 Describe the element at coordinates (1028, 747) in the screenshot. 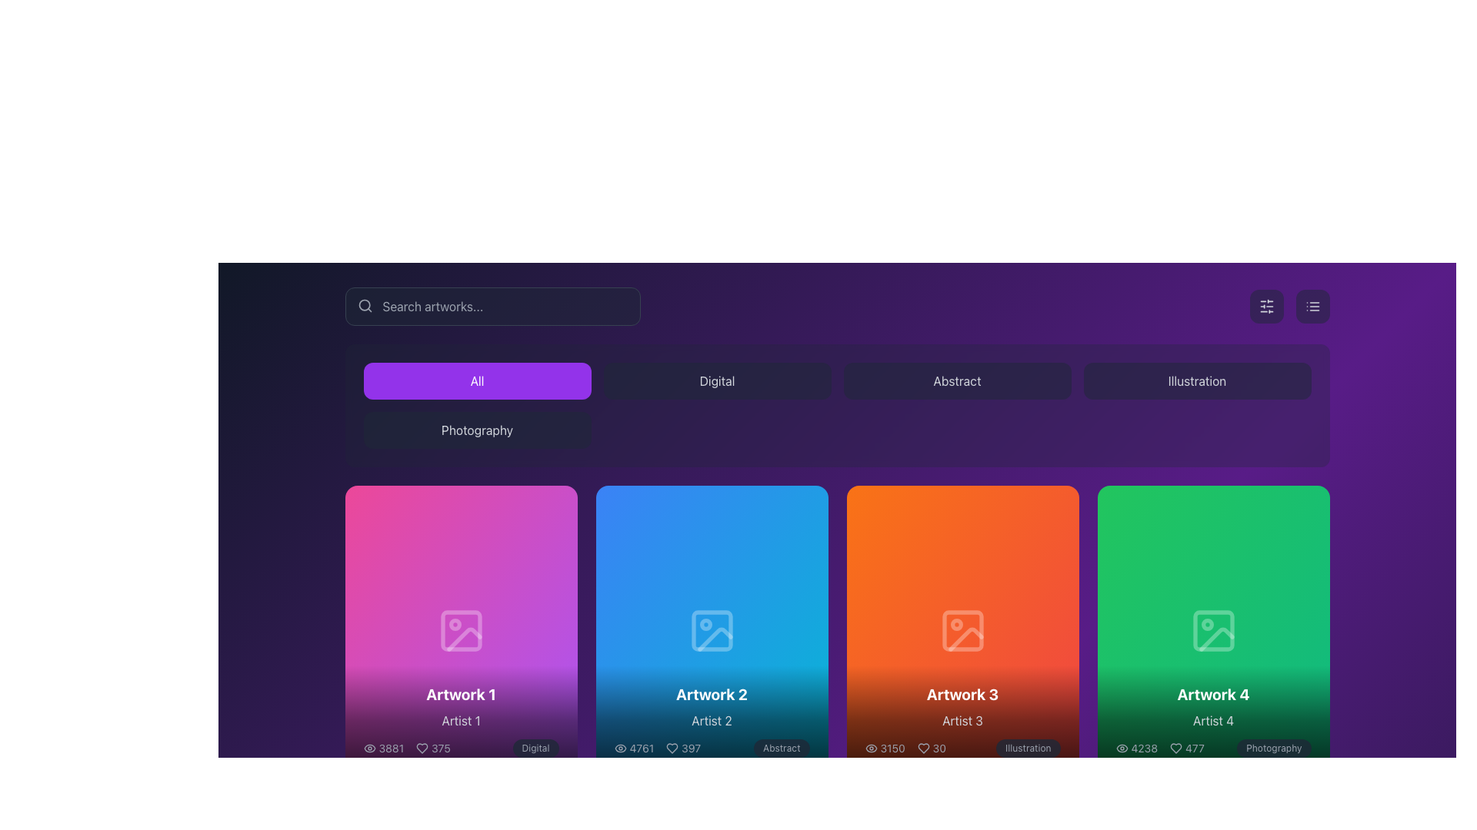

I see `the information displayed in the pill-shaped label with the text 'Illustration' in light gray, located at the bottom-right corner of the card representing 'Artwork 3'` at that location.